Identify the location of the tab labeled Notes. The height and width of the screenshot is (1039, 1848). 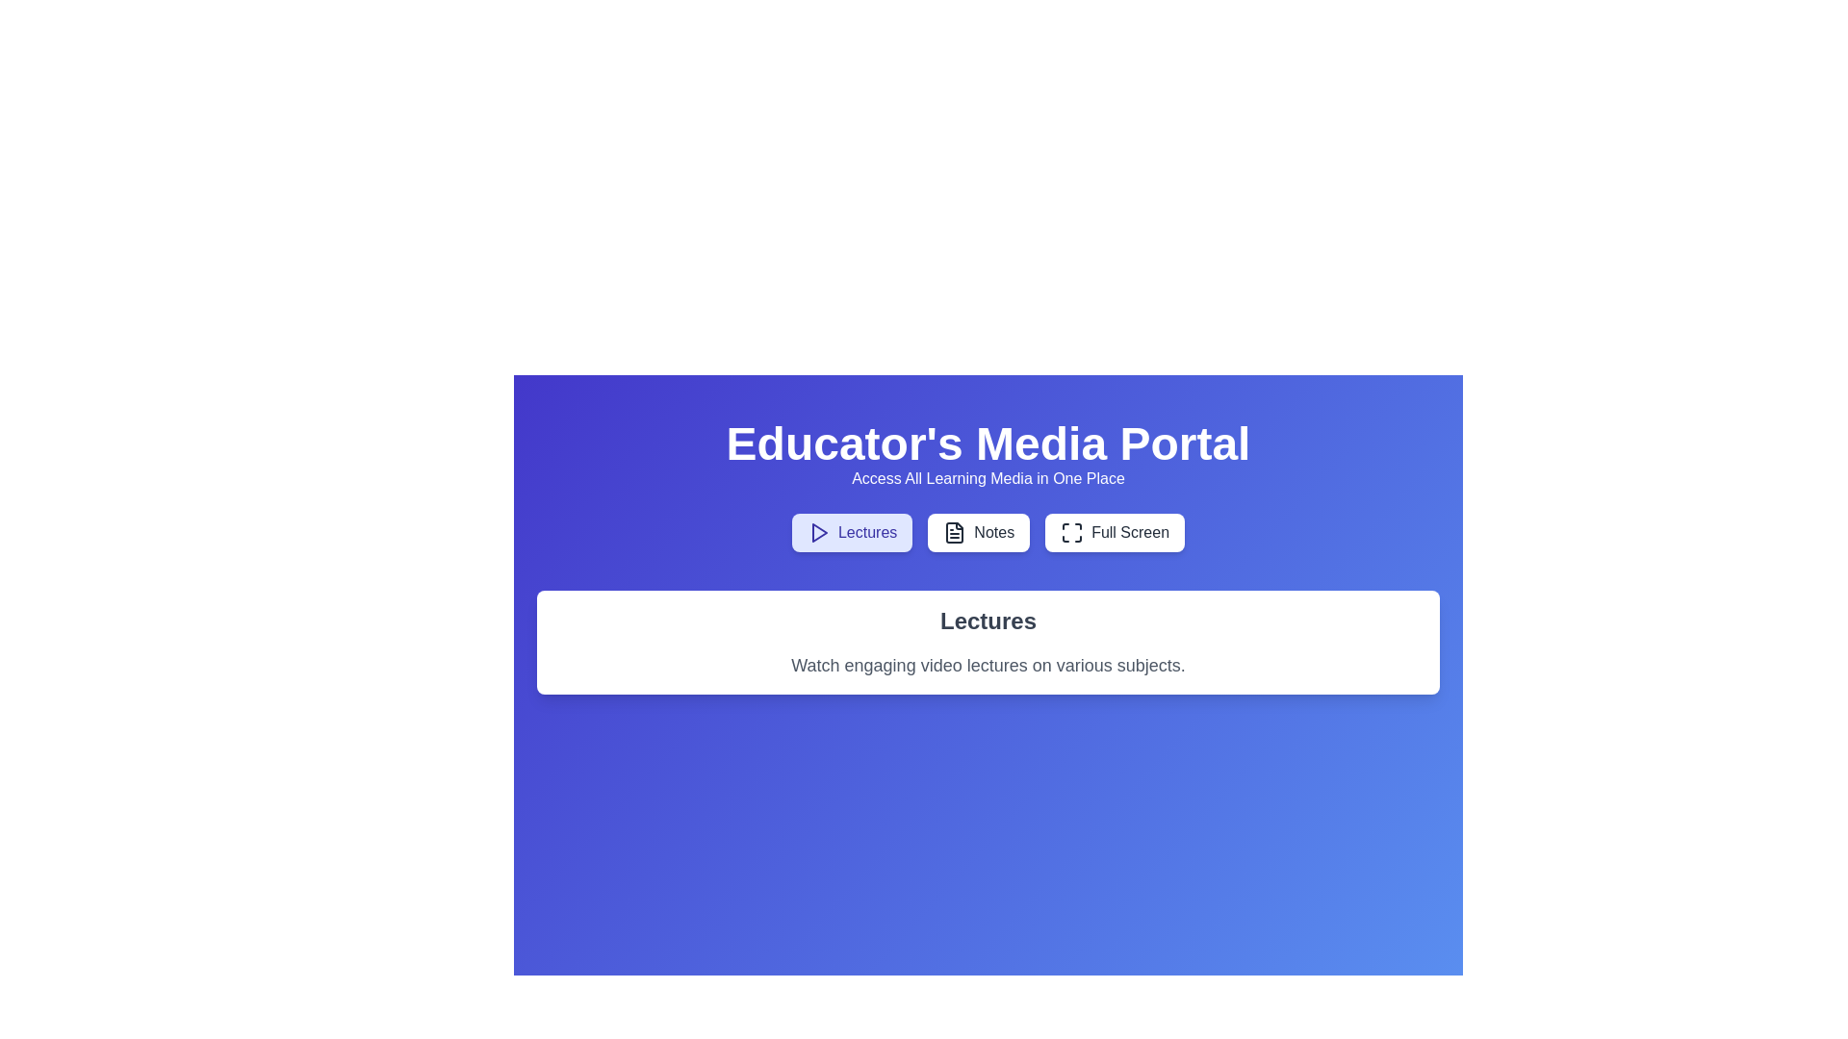
(979, 533).